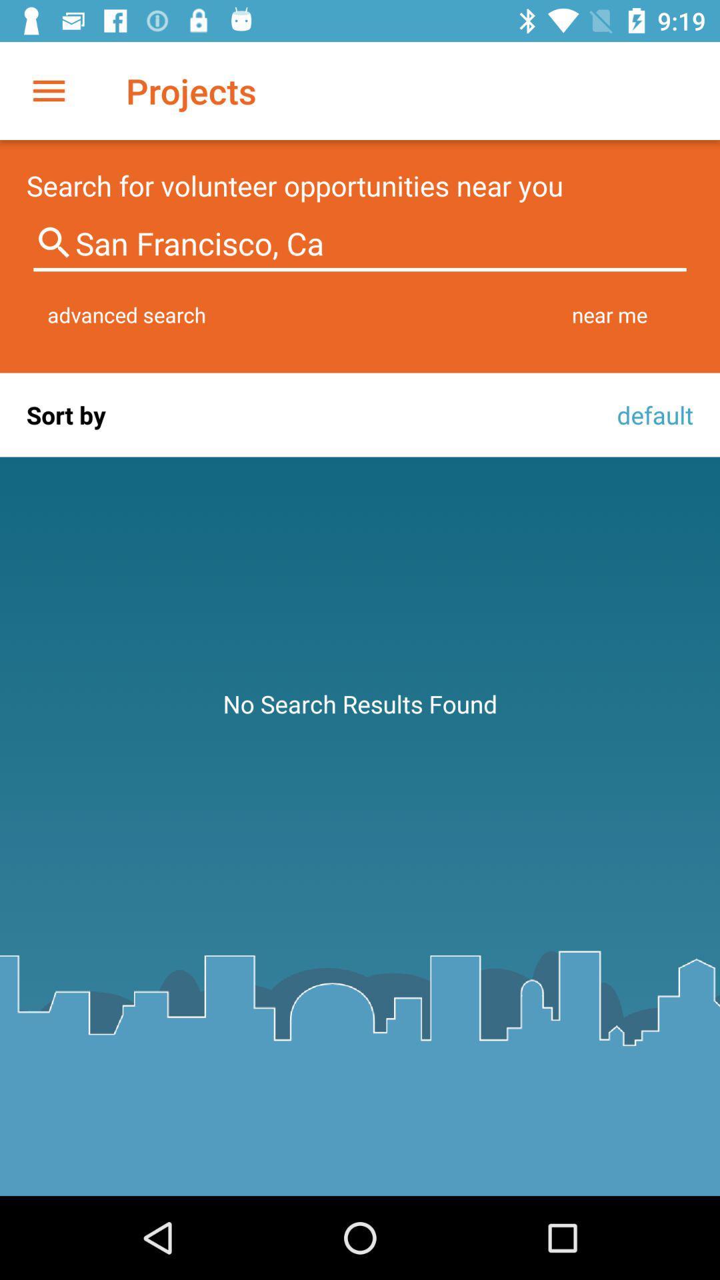  Describe the element at coordinates (48, 90) in the screenshot. I see `the item to the left of the projects` at that location.